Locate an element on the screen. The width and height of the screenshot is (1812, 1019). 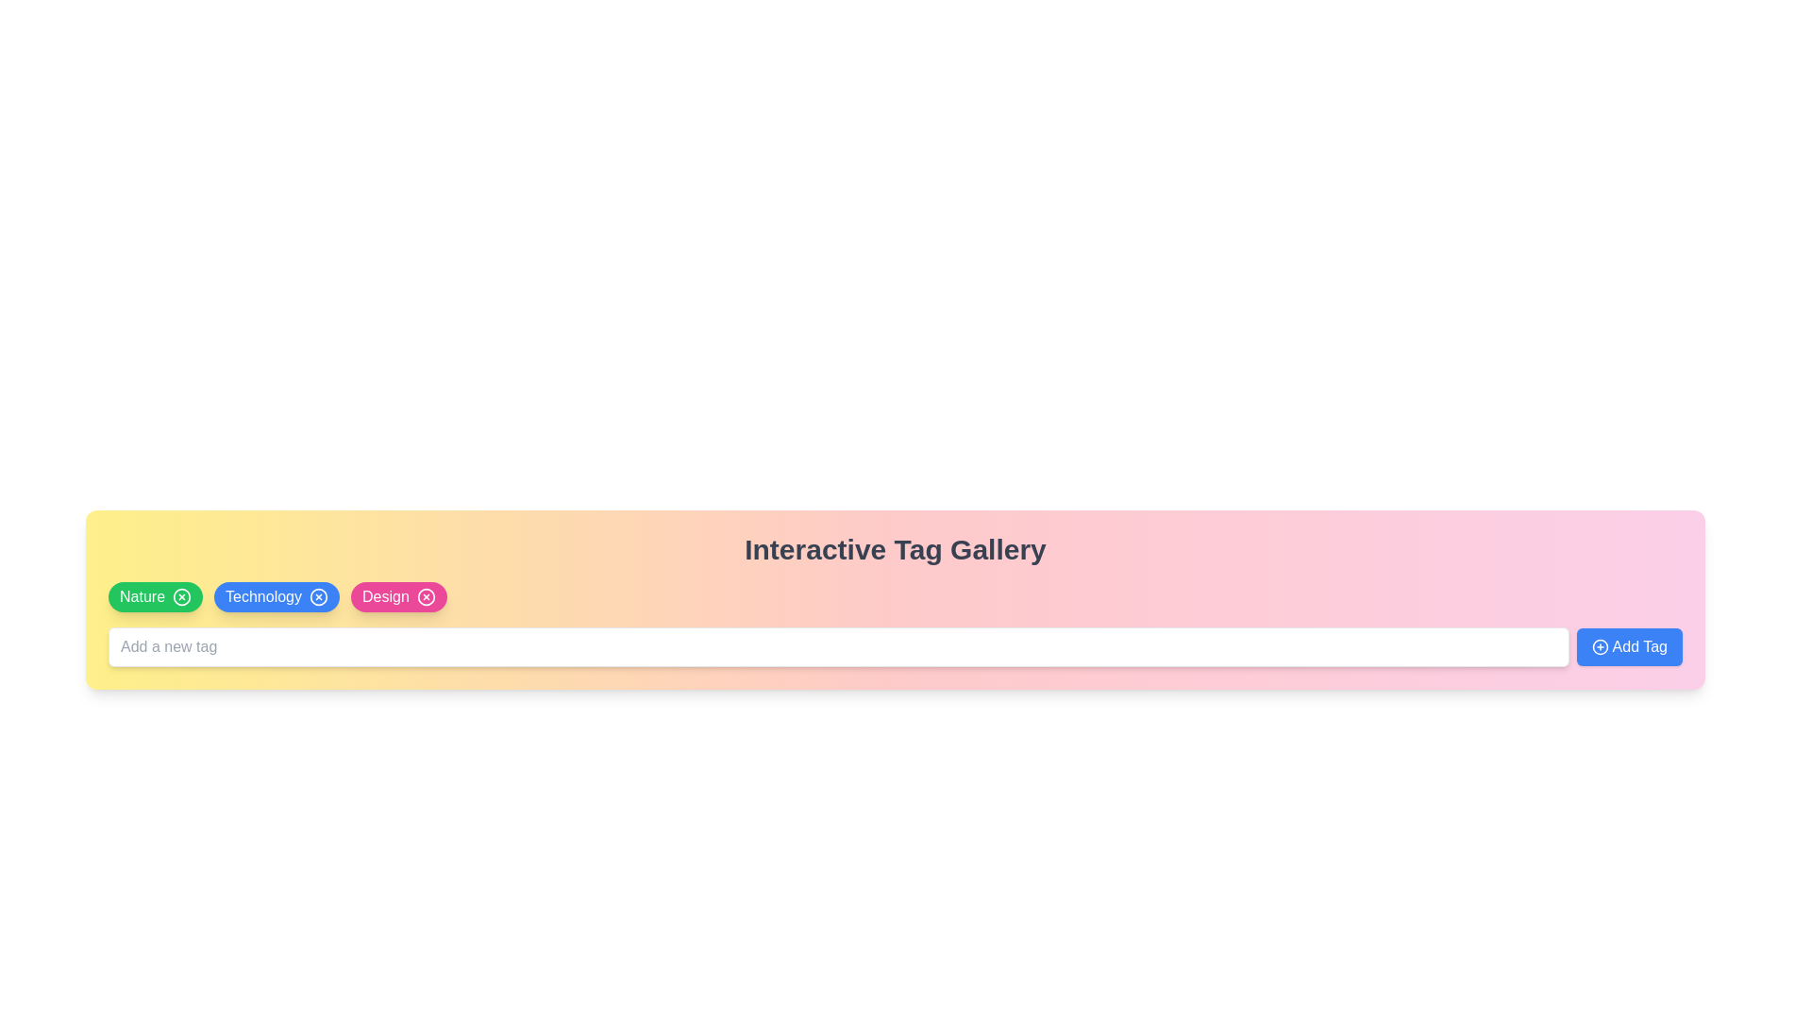
the pink 'Design' tag with a close icon is located at coordinates (397, 596).